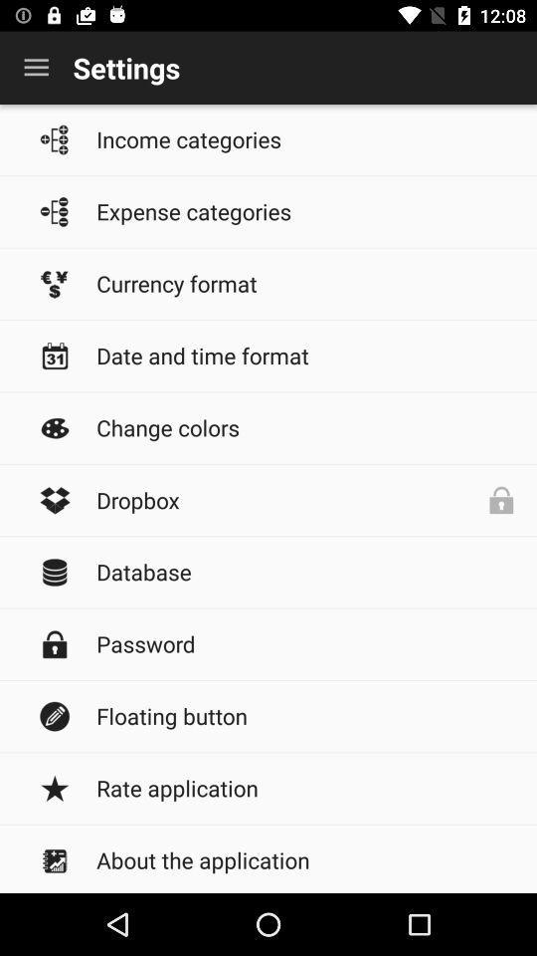 Image resolution: width=537 pixels, height=956 pixels. Describe the element at coordinates (306, 211) in the screenshot. I see `the icon below income categories` at that location.